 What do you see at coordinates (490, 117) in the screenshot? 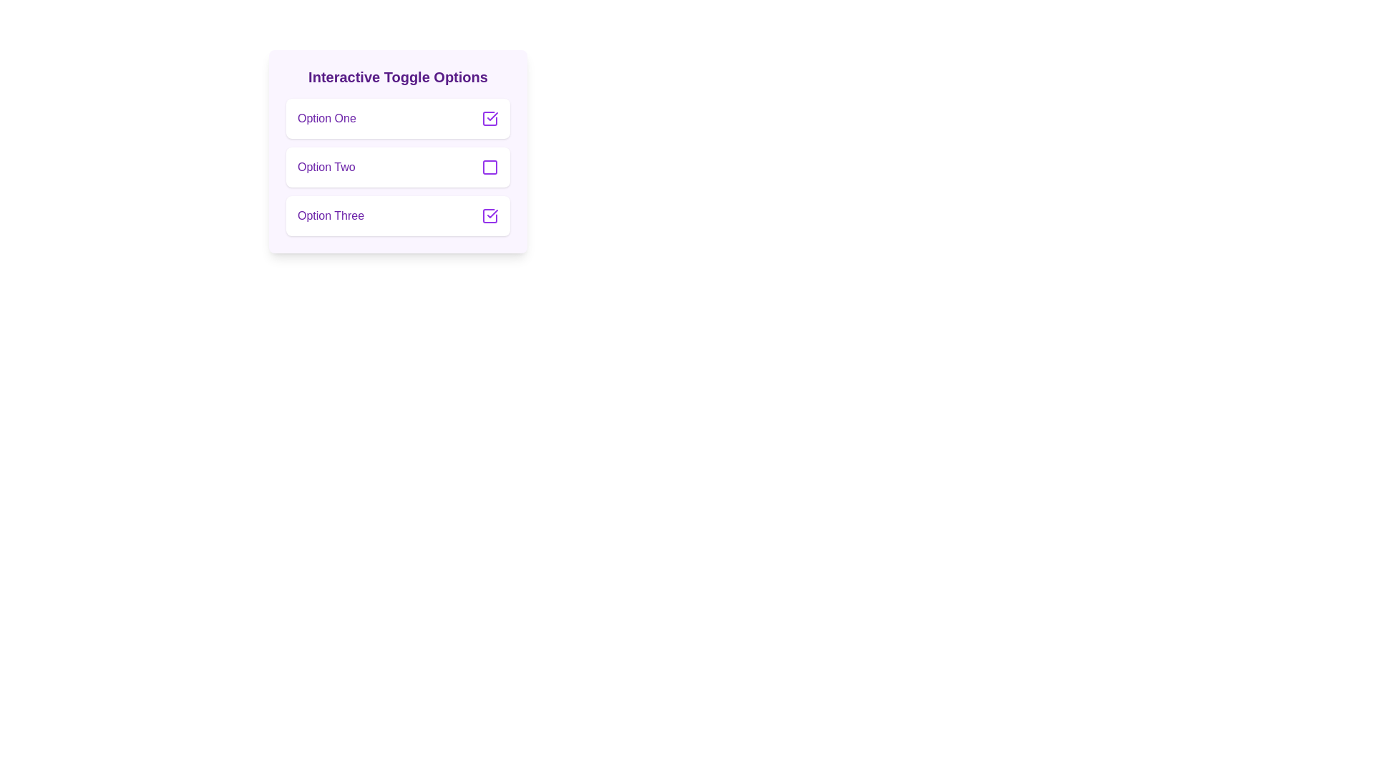
I see `the checkbox with a checkmark inside the rounded box, located to the right of 'Option One' in the top row of options` at bounding box center [490, 117].